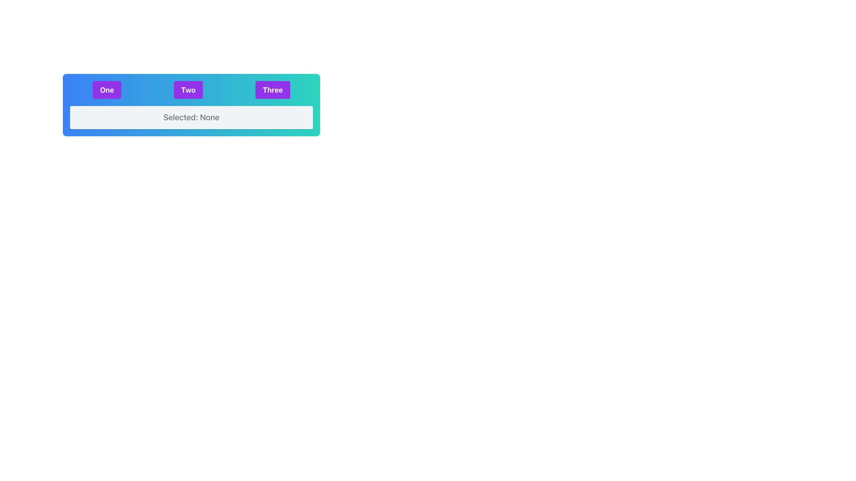 The width and height of the screenshot is (856, 481). I want to click on the first button in the row of selectable elements, so click(191, 90).